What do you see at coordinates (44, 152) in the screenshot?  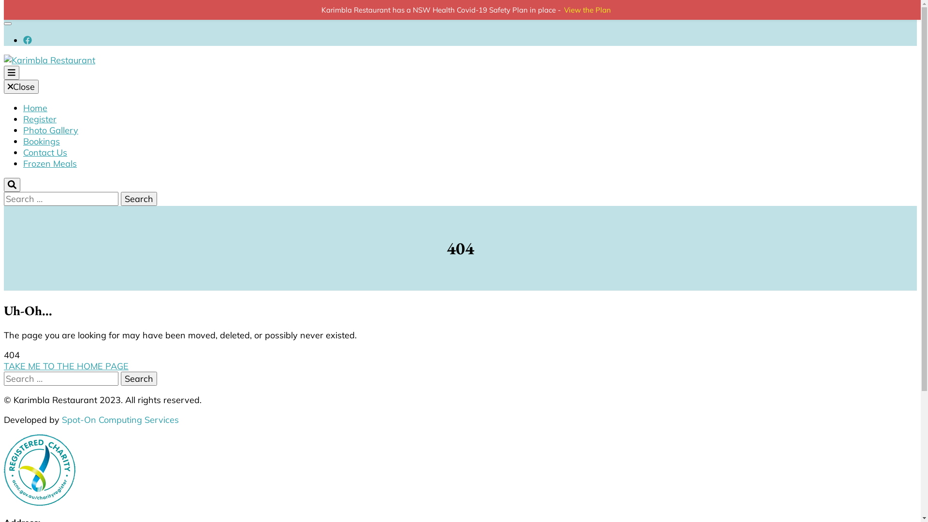 I see `'Contact Us'` at bounding box center [44, 152].